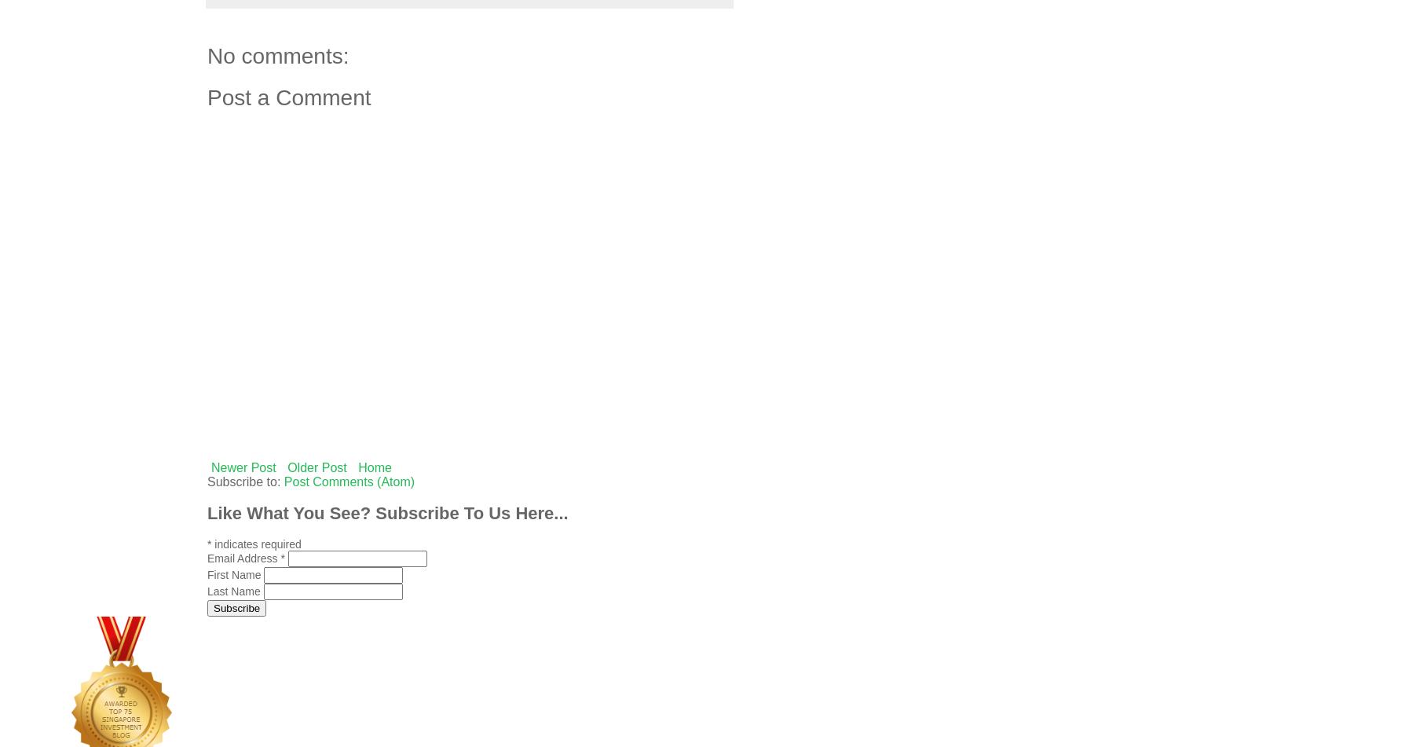  What do you see at coordinates (387, 512) in the screenshot?
I see `'Like What You See? Subscribe To Us Here...'` at bounding box center [387, 512].